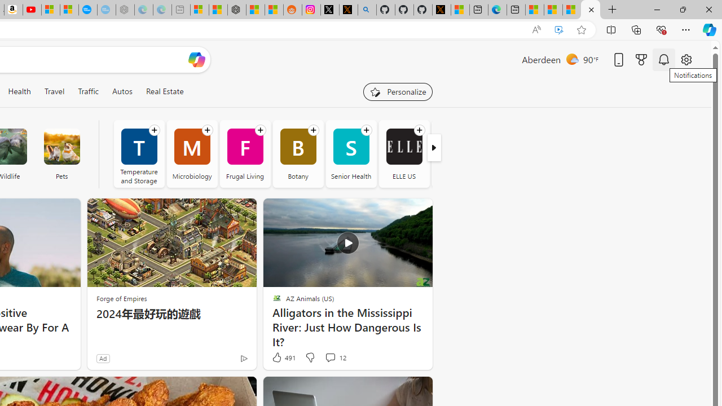 This screenshot has width=722, height=406. Describe the element at coordinates (367, 10) in the screenshot. I see `'github - Search'` at that location.